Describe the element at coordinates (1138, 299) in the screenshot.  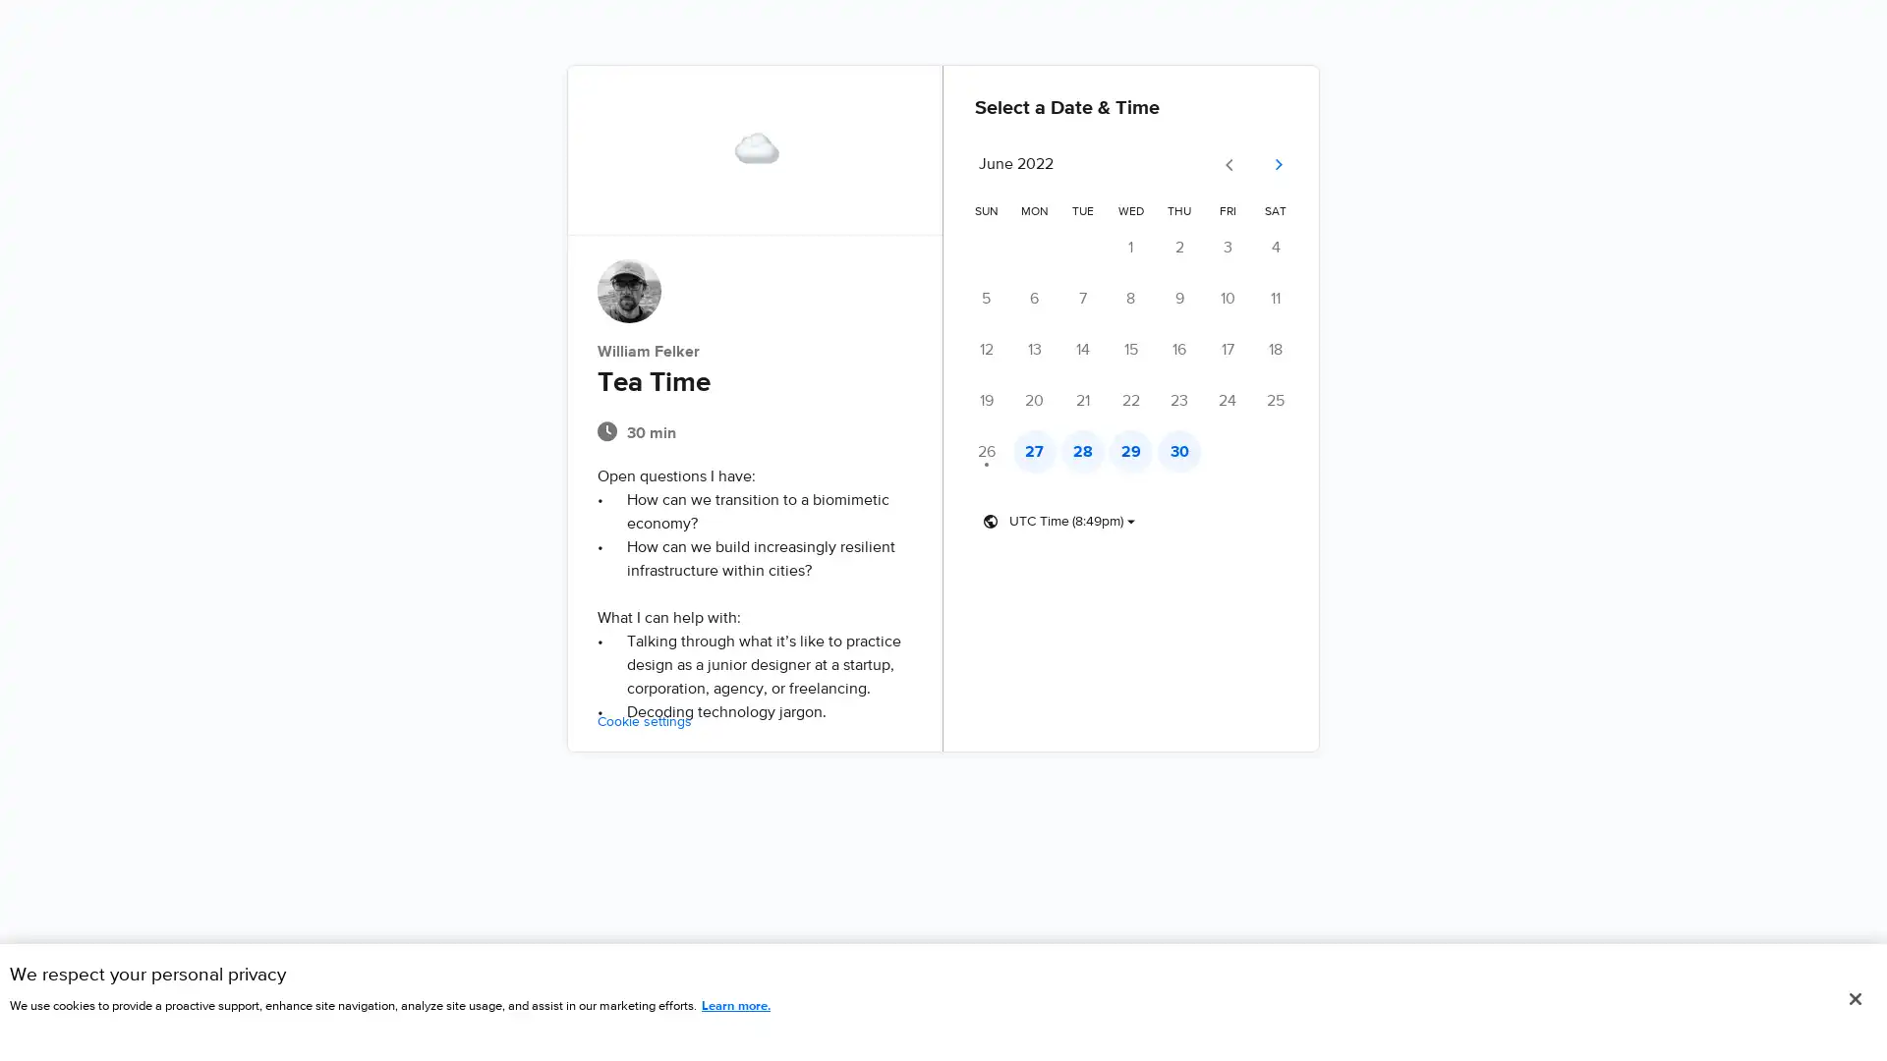
I see `Wednesday, June 8 - No times available` at that location.